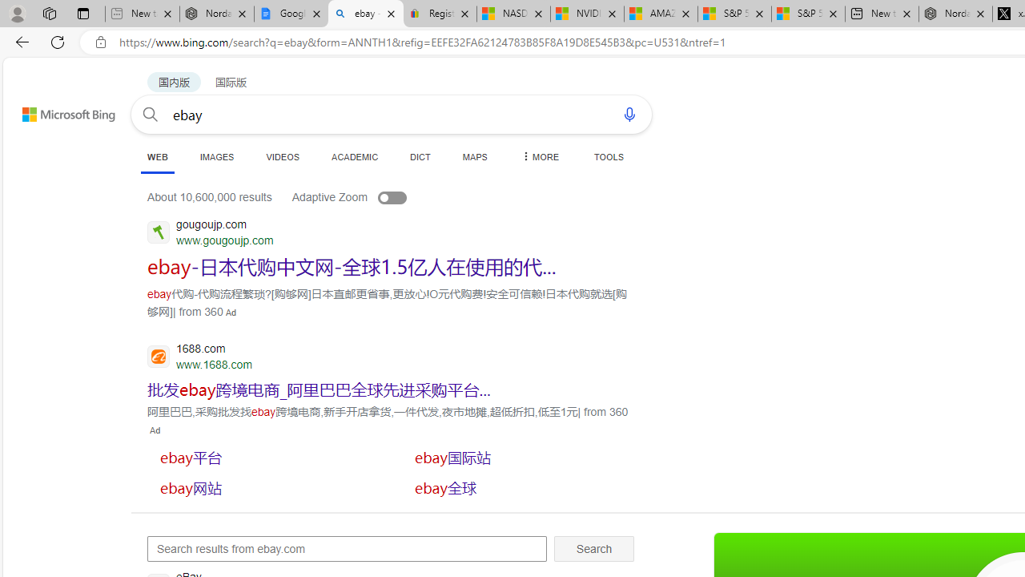 The height and width of the screenshot is (577, 1025). Describe the element at coordinates (158, 158) in the screenshot. I see `'WEB'` at that location.